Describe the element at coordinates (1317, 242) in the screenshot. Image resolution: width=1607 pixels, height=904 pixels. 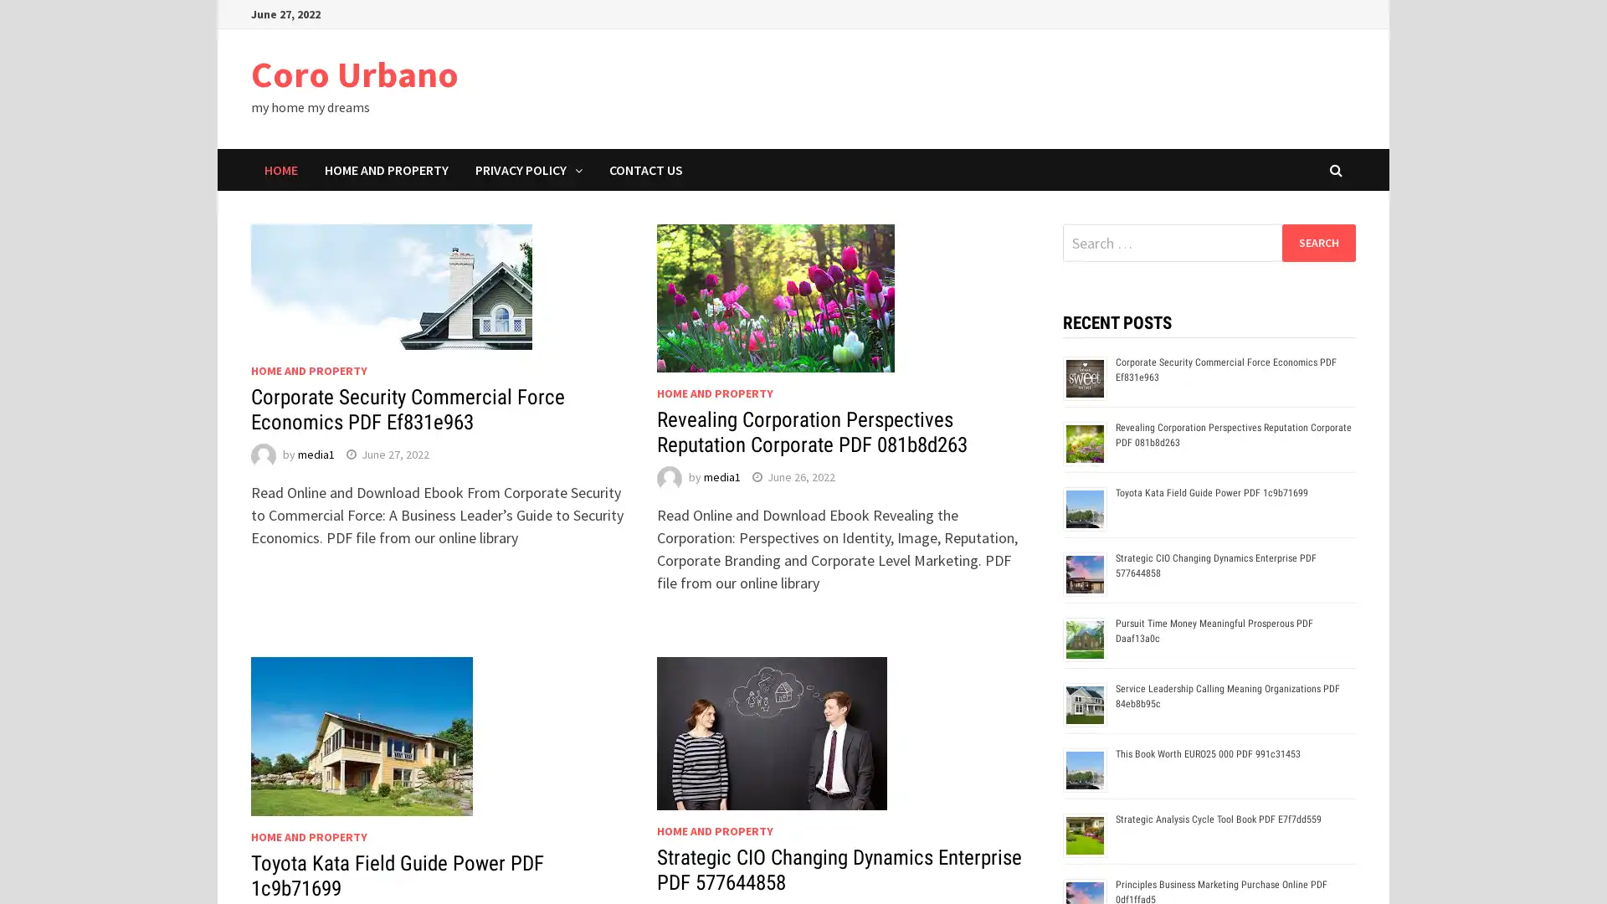
I see `Search` at that location.